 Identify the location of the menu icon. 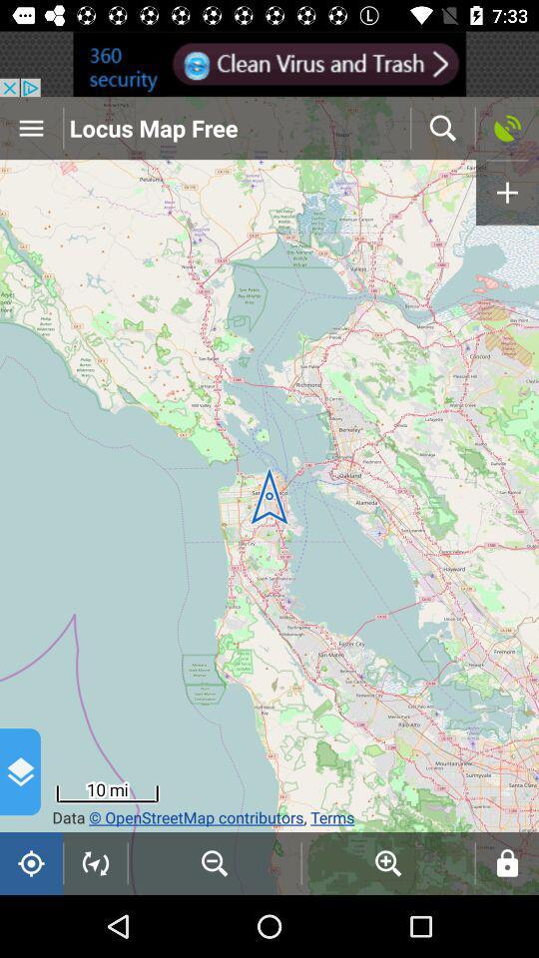
(30, 127).